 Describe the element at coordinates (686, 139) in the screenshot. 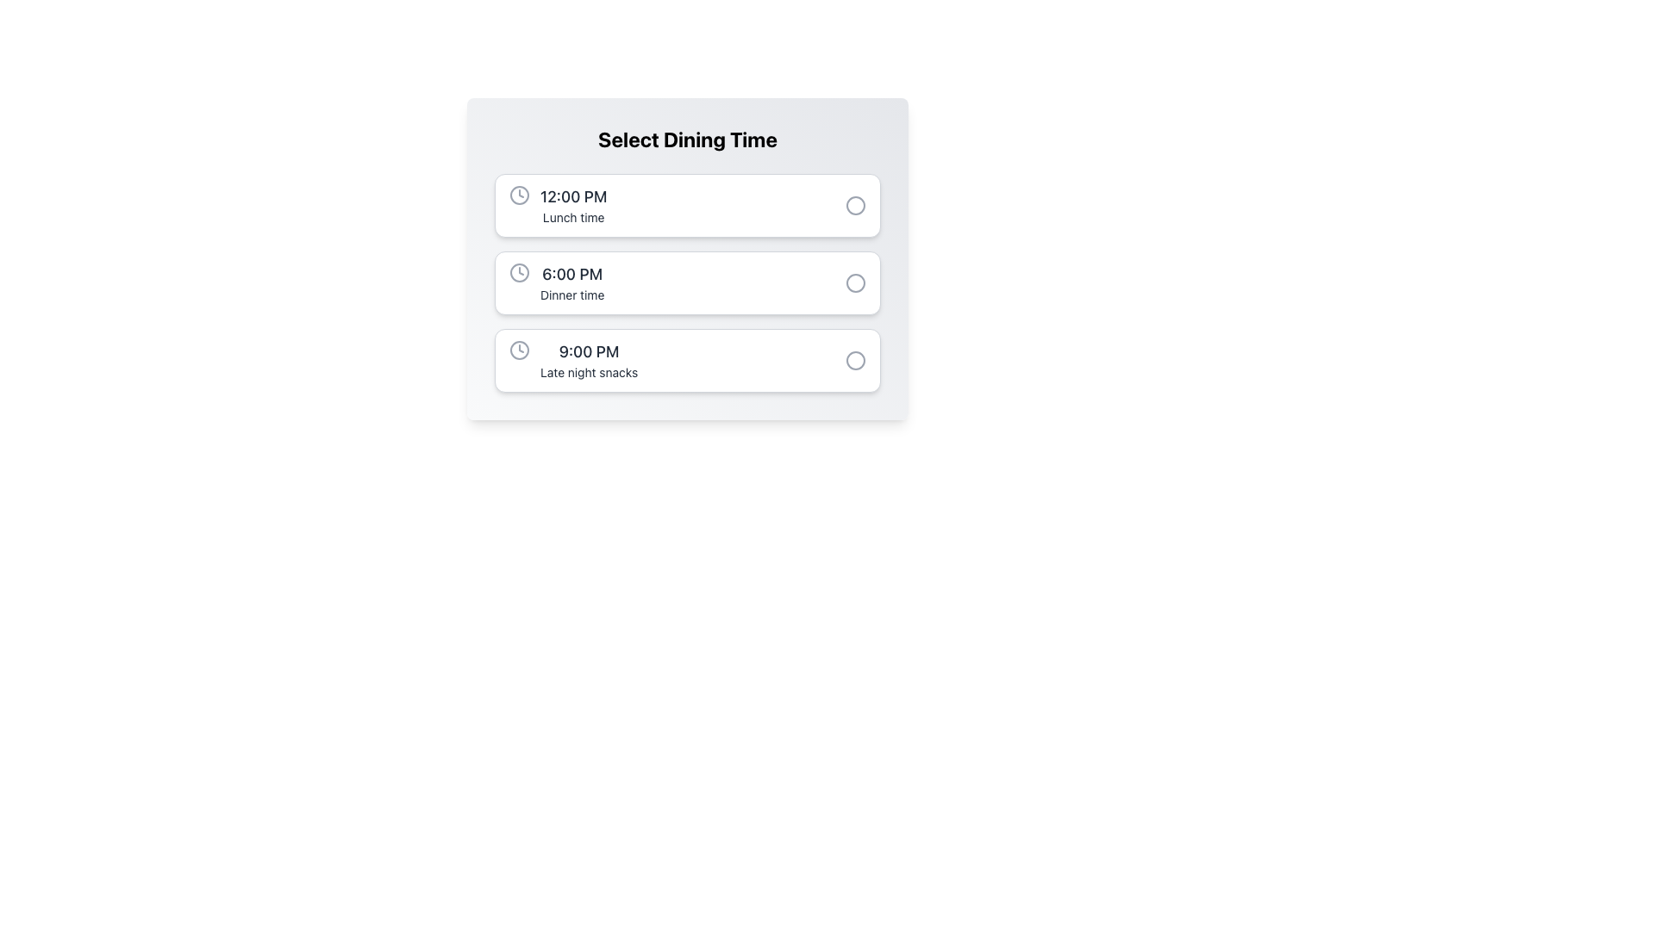

I see `the bold heading 'Select Dining Time' which is styled with large, centered text and is located at the top of a card-like section` at that location.